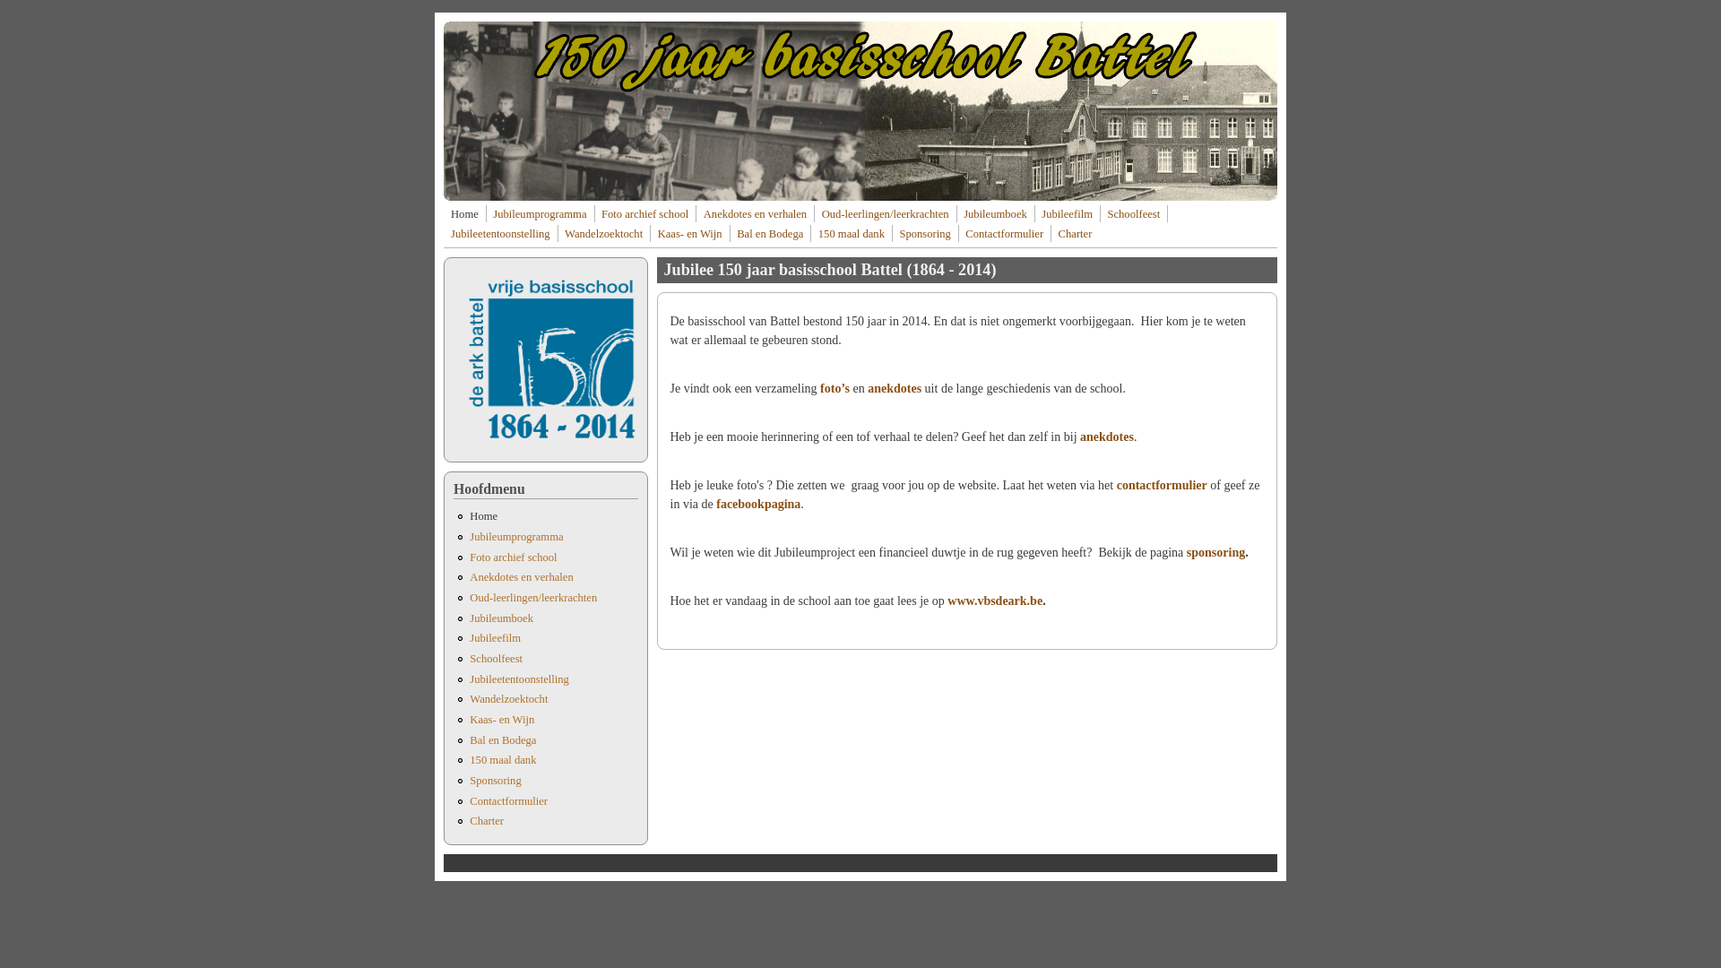 The image size is (1721, 968). What do you see at coordinates (512, 556) in the screenshot?
I see `'Foto archief school'` at bounding box center [512, 556].